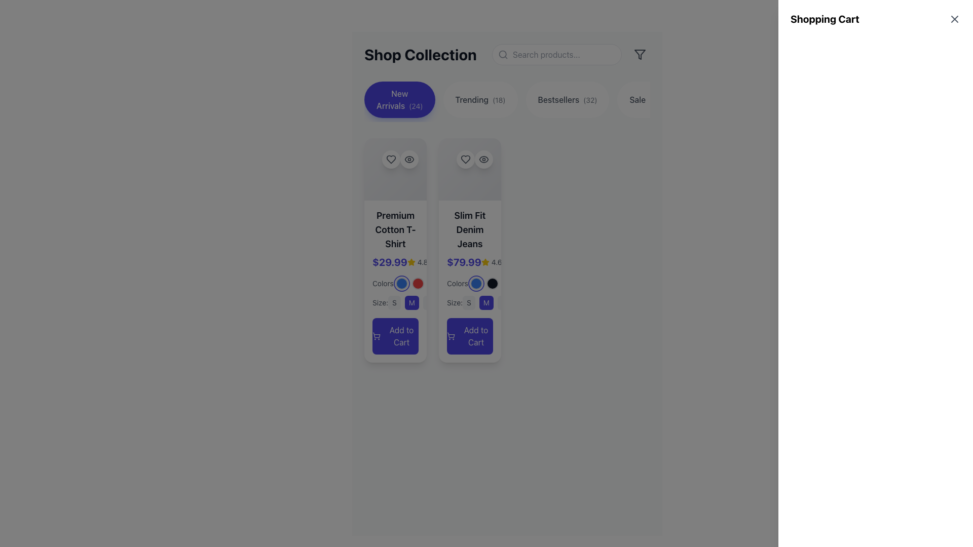 Image resolution: width=973 pixels, height=547 pixels. I want to click on the product name text label located at the top of the product card, which identifies the item being presented, so click(395, 230).